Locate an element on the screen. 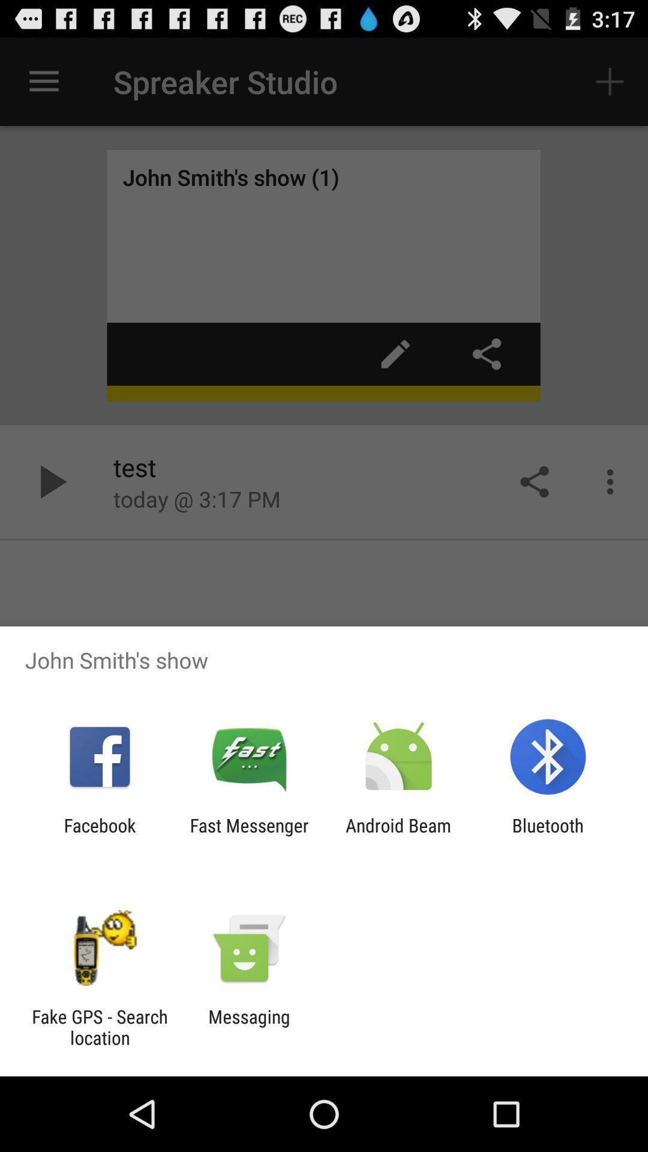 Image resolution: width=648 pixels, height=1152 pixels. fast messenger item is located at coordinates (248, 835).